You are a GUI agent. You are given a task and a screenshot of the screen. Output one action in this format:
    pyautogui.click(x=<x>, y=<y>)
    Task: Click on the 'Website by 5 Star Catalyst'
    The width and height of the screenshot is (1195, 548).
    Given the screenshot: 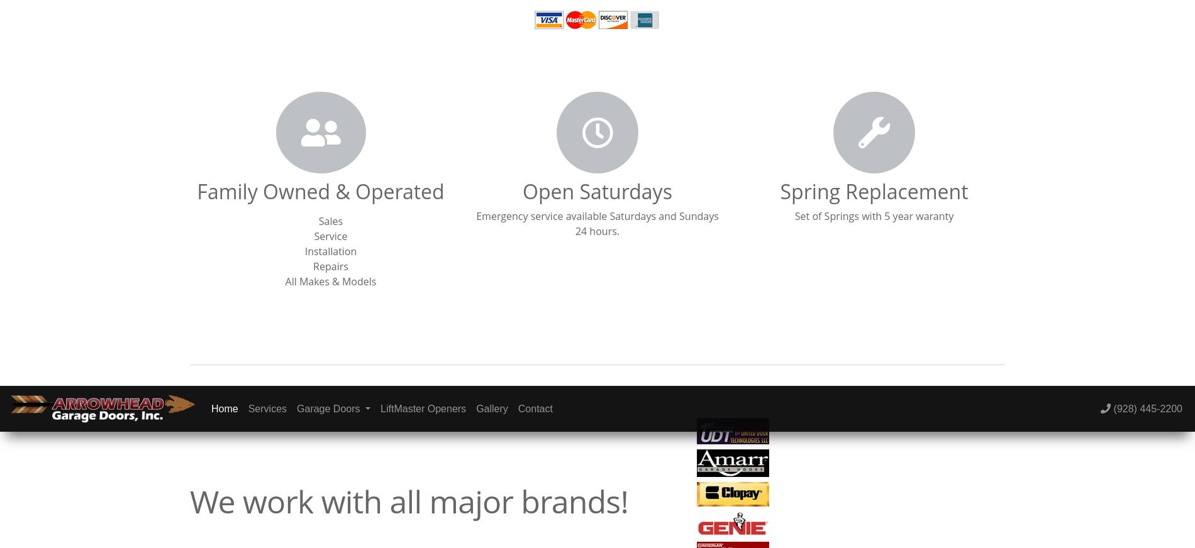 What is the action you would take?
    pyautogui.click(x=551, y=144)
    